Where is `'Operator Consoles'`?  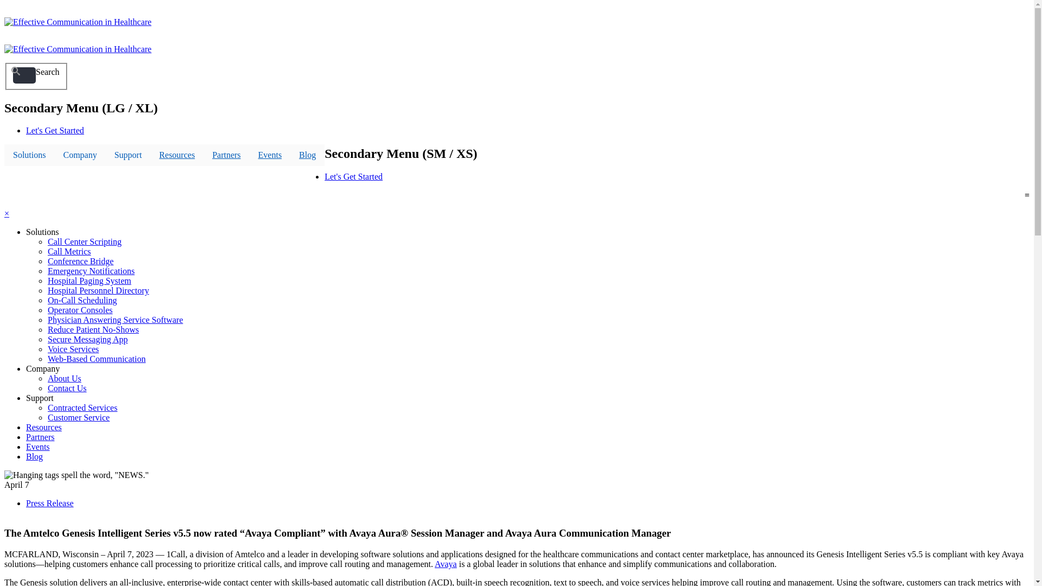 'Operator Consoles' is located at coordinates (47, 310).